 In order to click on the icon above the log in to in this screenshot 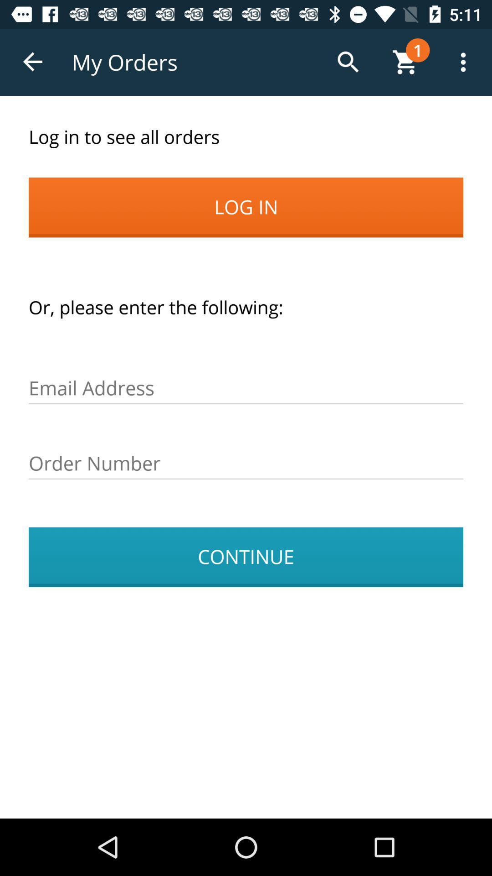, I will do `click(33, 62)`.